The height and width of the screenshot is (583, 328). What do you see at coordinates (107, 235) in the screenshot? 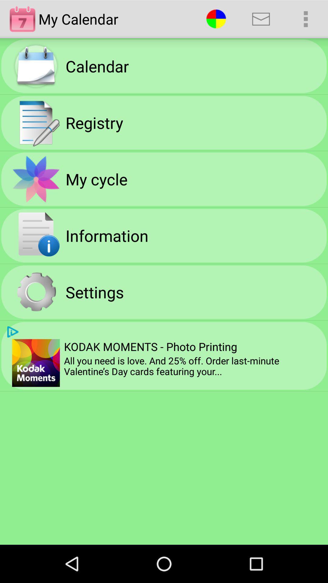
I see `the information app` at bounding box center [107, 235].